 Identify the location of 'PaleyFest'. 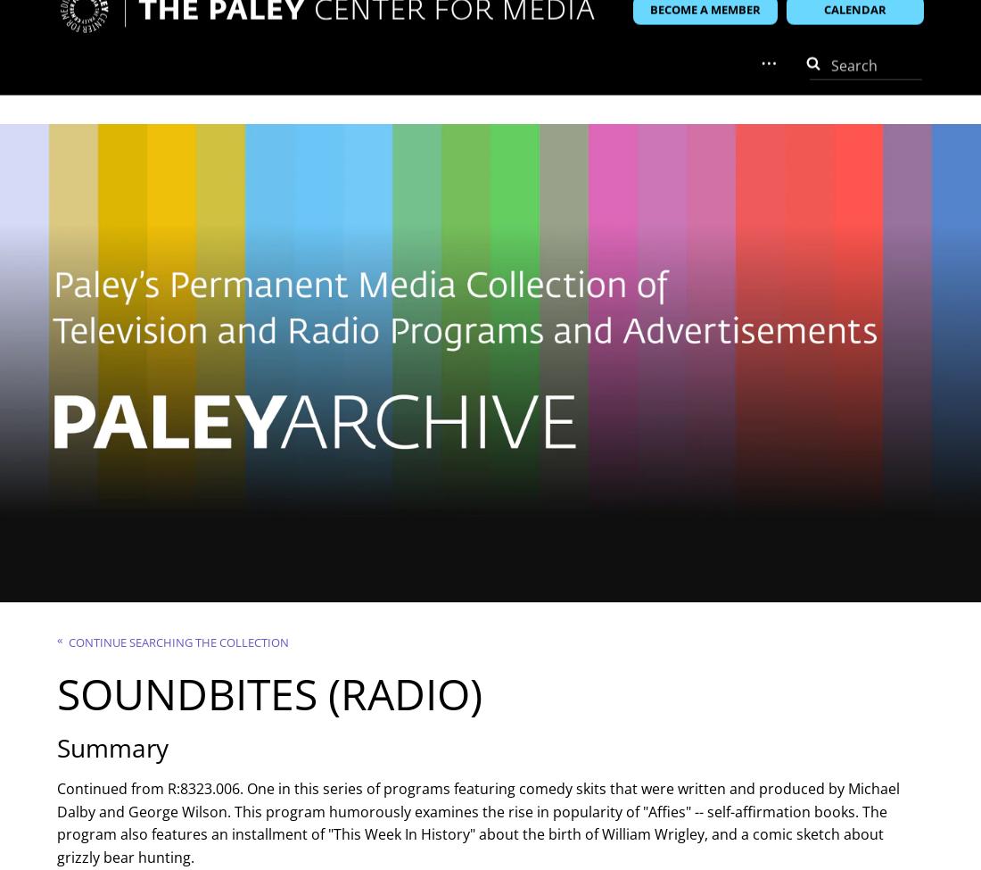
(331, 90).